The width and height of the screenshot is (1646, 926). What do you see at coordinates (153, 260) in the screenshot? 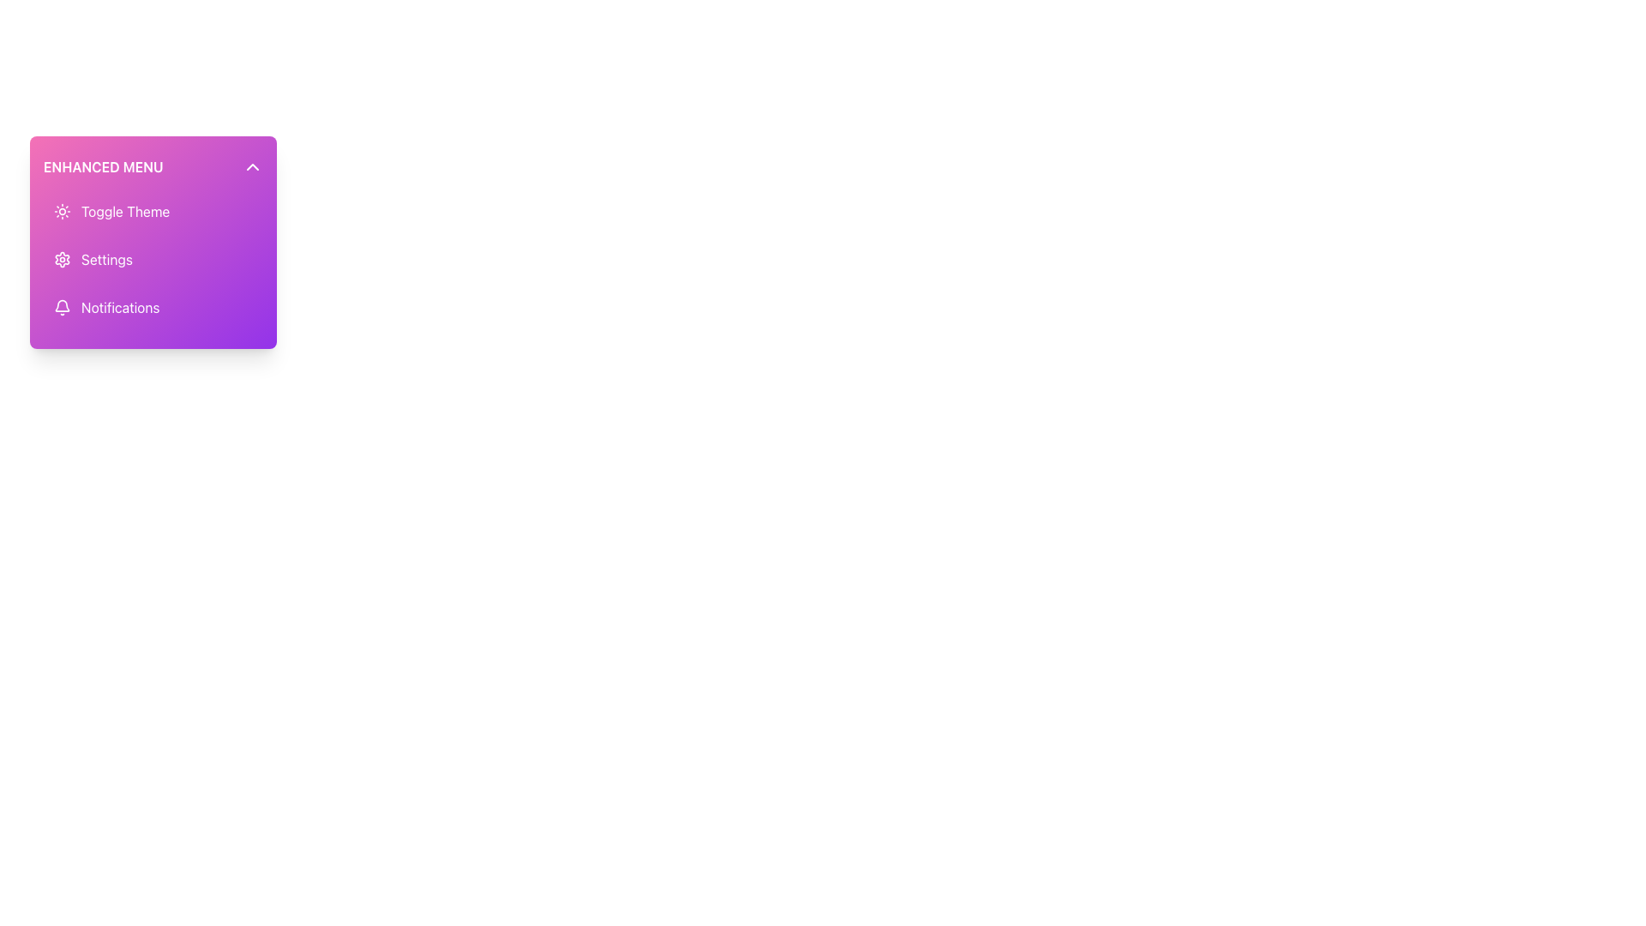
I see `the settings button in the Enhanced Menu` at bounding box center [153, 260].